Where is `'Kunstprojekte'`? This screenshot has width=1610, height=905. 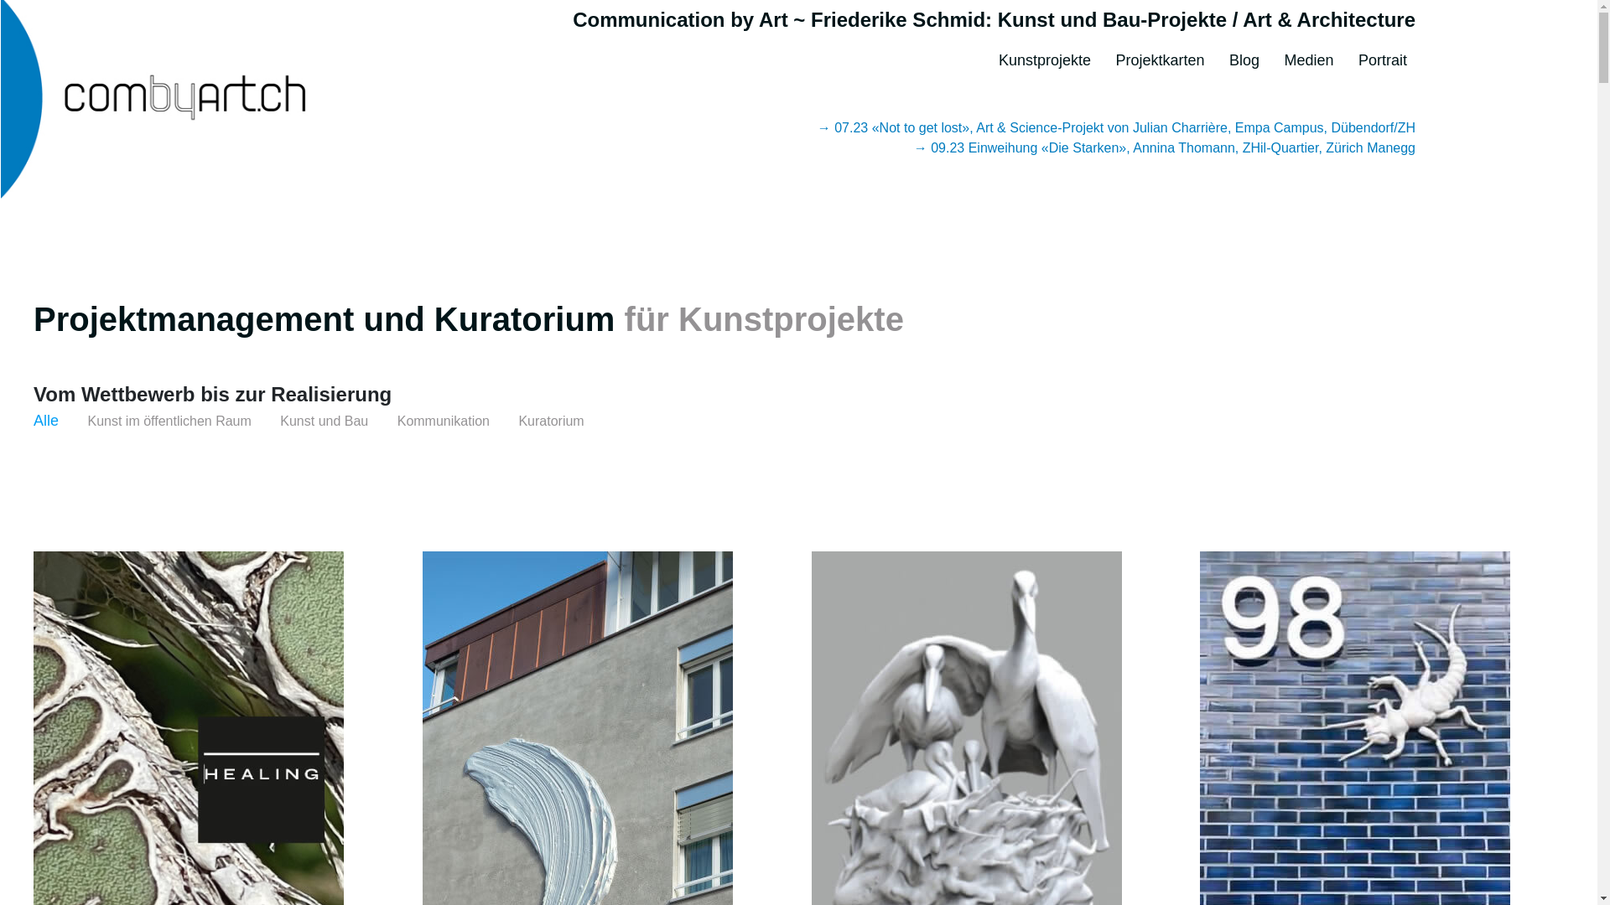
'Kunstprojekte' is located at coordinates (1044, 54).